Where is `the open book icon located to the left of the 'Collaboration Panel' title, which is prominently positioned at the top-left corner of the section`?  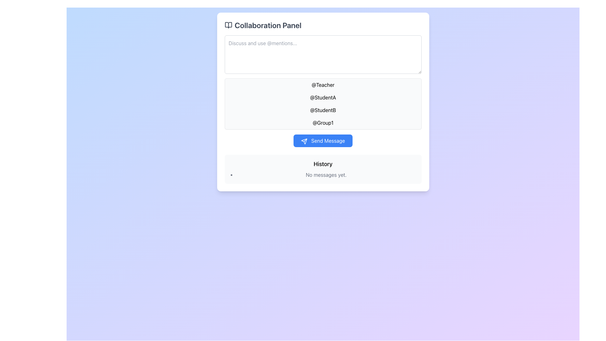 the open book icon located to the left of the 'Collaboration Panel' title, which is prominently positioned at the top-left corner of the section is located at coordinates (228, 25).